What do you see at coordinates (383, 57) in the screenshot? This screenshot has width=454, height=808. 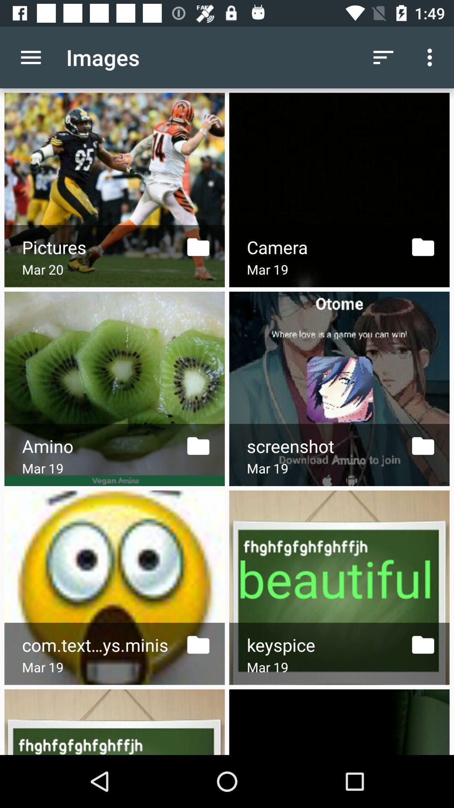 I see `app to the right of images app` at bounding box center [383, 57].